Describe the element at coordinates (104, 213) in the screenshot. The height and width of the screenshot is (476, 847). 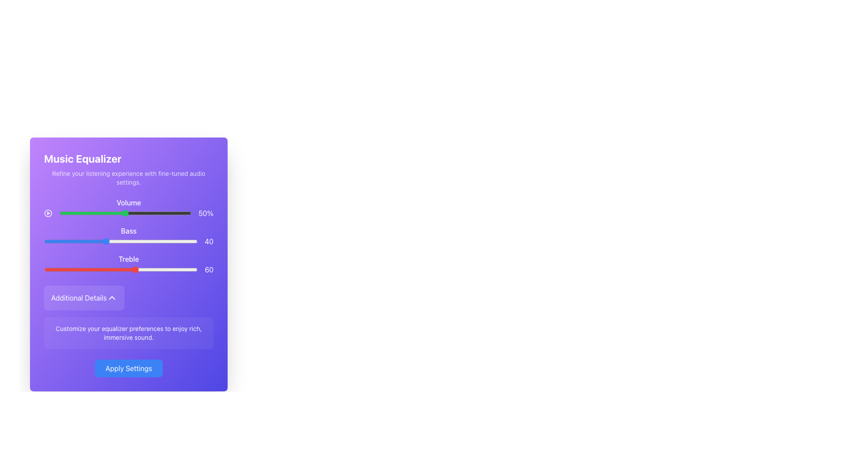
I see `the slider` at that location.